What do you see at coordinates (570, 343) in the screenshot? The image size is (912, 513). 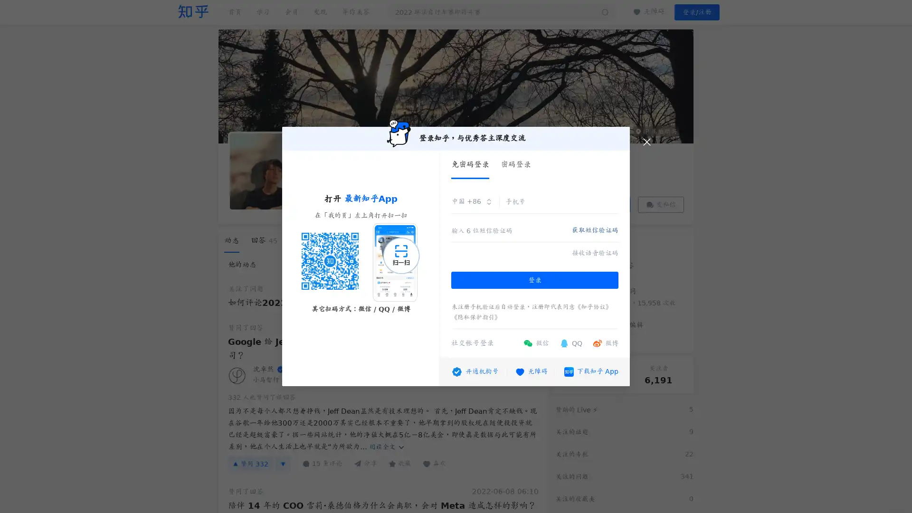 I see `QQ` at bounding box center [570, 343].